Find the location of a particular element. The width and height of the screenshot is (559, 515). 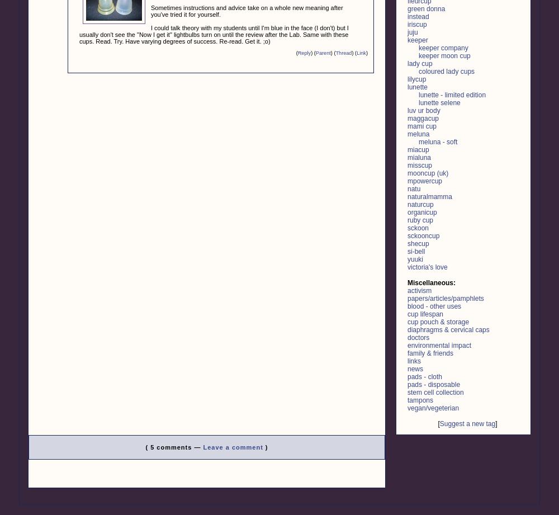

'blood - other uses' is located at coordinates (434, 305).